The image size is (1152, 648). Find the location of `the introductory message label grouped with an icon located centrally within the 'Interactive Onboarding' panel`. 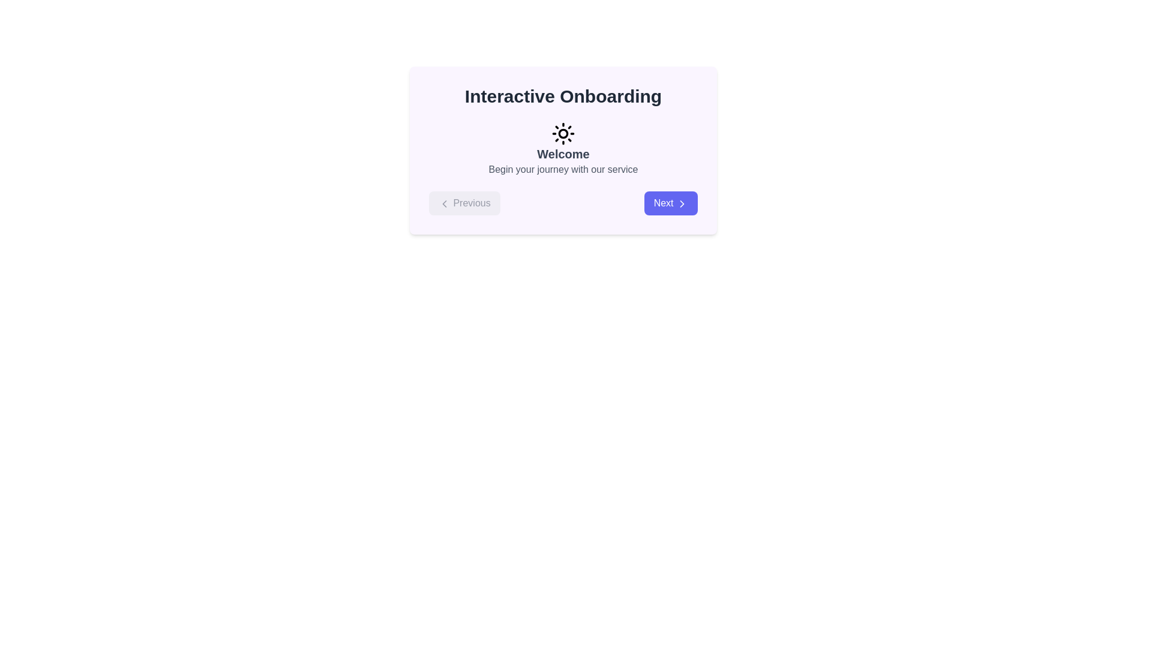

the introductory message label grouped with an icon located centrally within the 'Interactive Onboarding' panel is located at coordinates (563, 149).